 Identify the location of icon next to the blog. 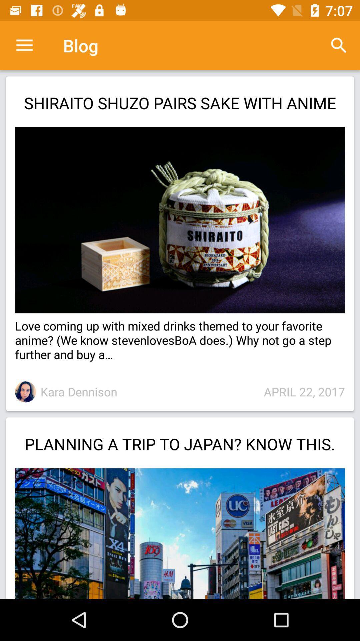
(24, 45).